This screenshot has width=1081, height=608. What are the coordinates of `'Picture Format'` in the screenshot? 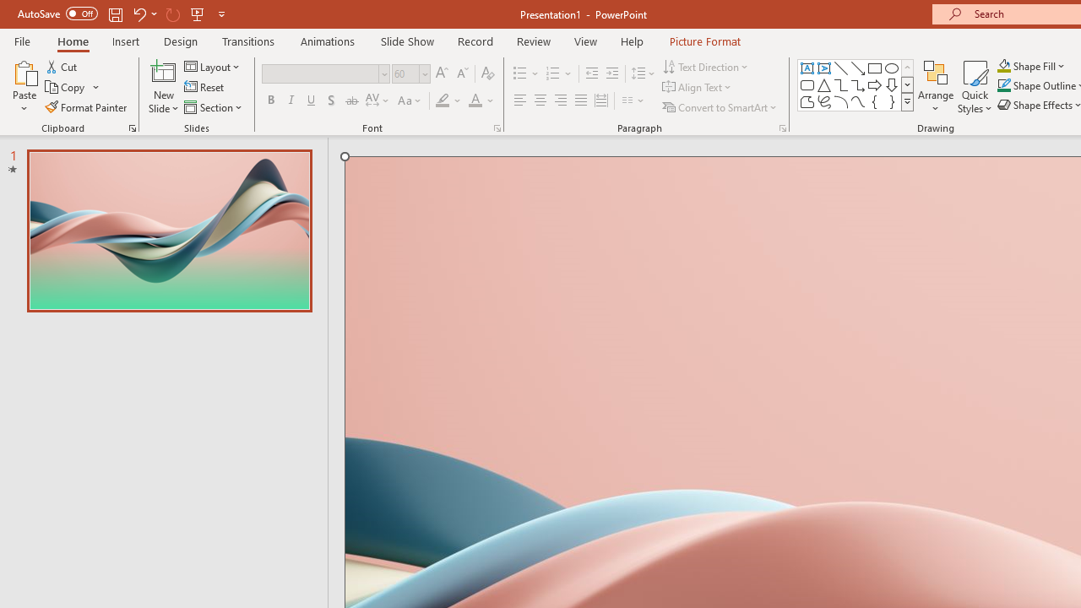 It's located at (705, 41).